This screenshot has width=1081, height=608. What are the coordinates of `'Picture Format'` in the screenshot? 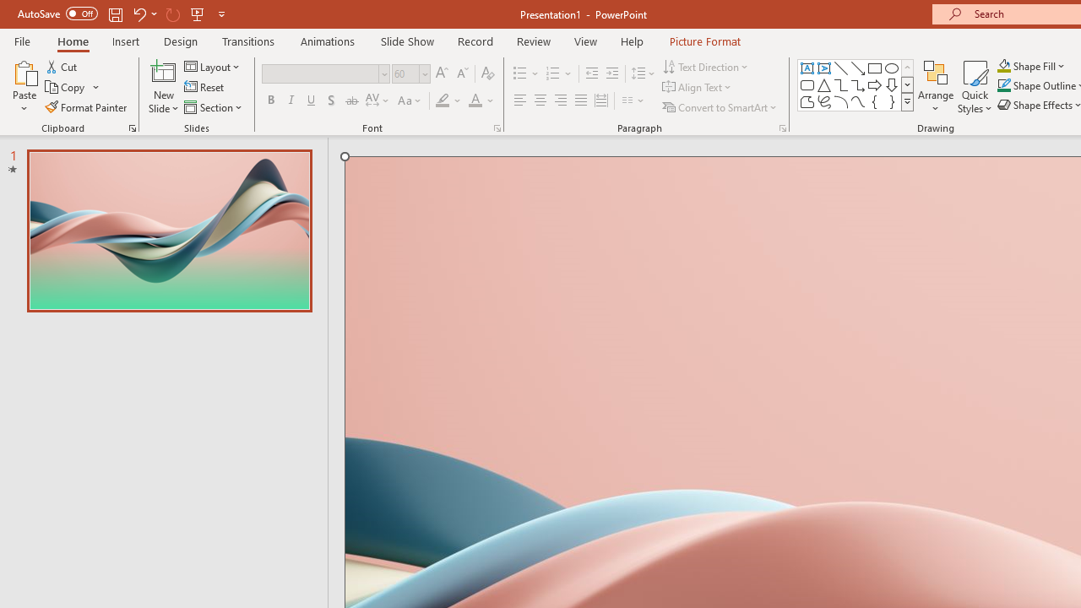 It's located at (705, 41).